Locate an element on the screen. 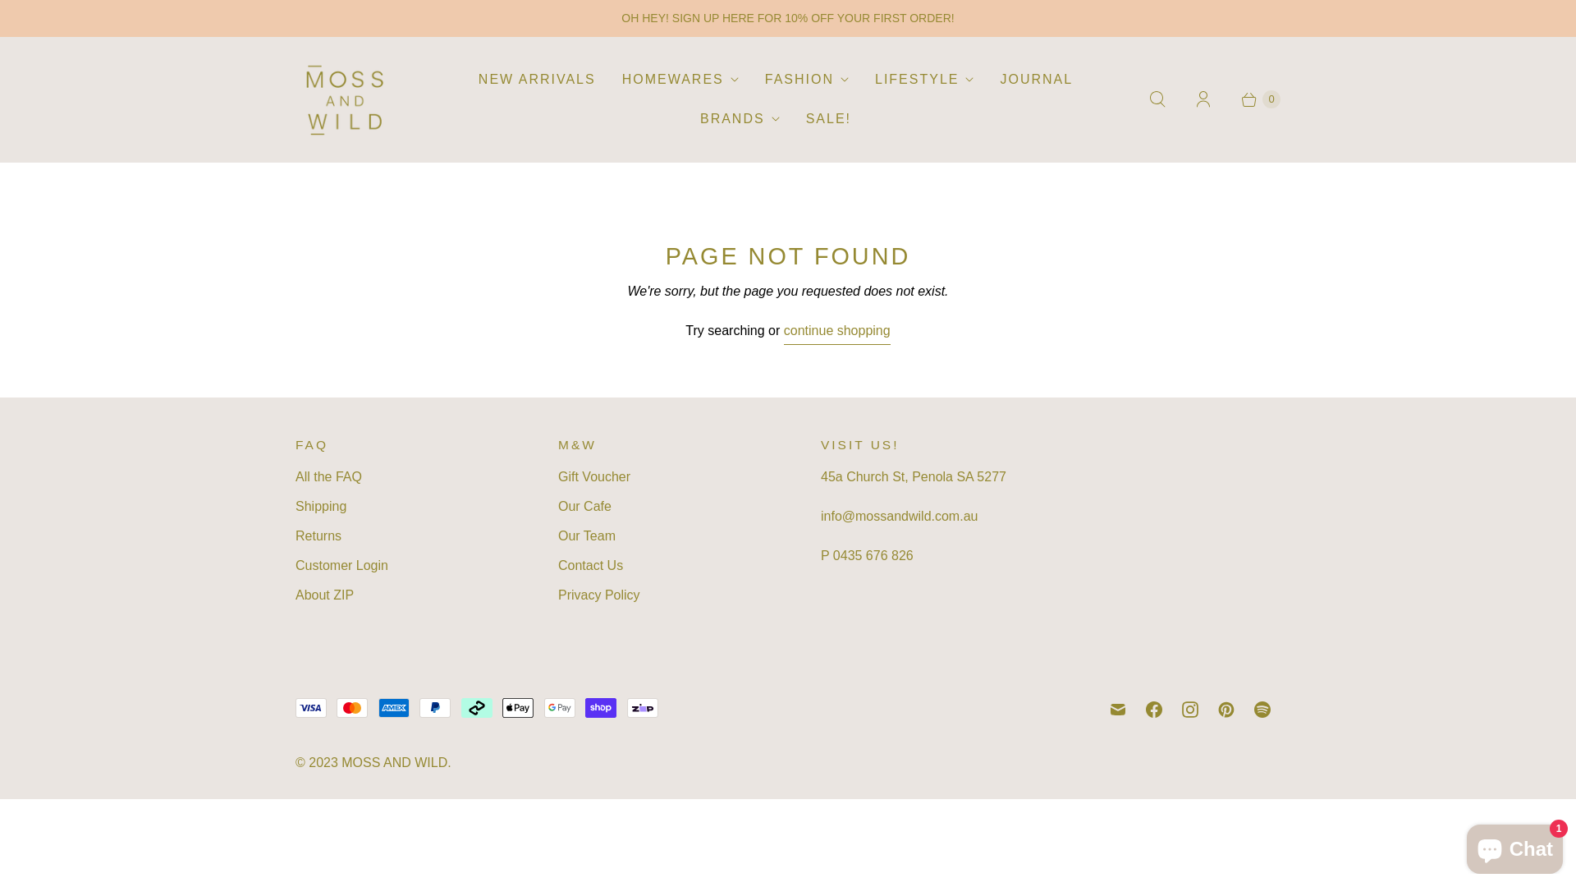 This screenshot has height=887, width=1576. 'Contact Us' is located at coordinates (590, 564).